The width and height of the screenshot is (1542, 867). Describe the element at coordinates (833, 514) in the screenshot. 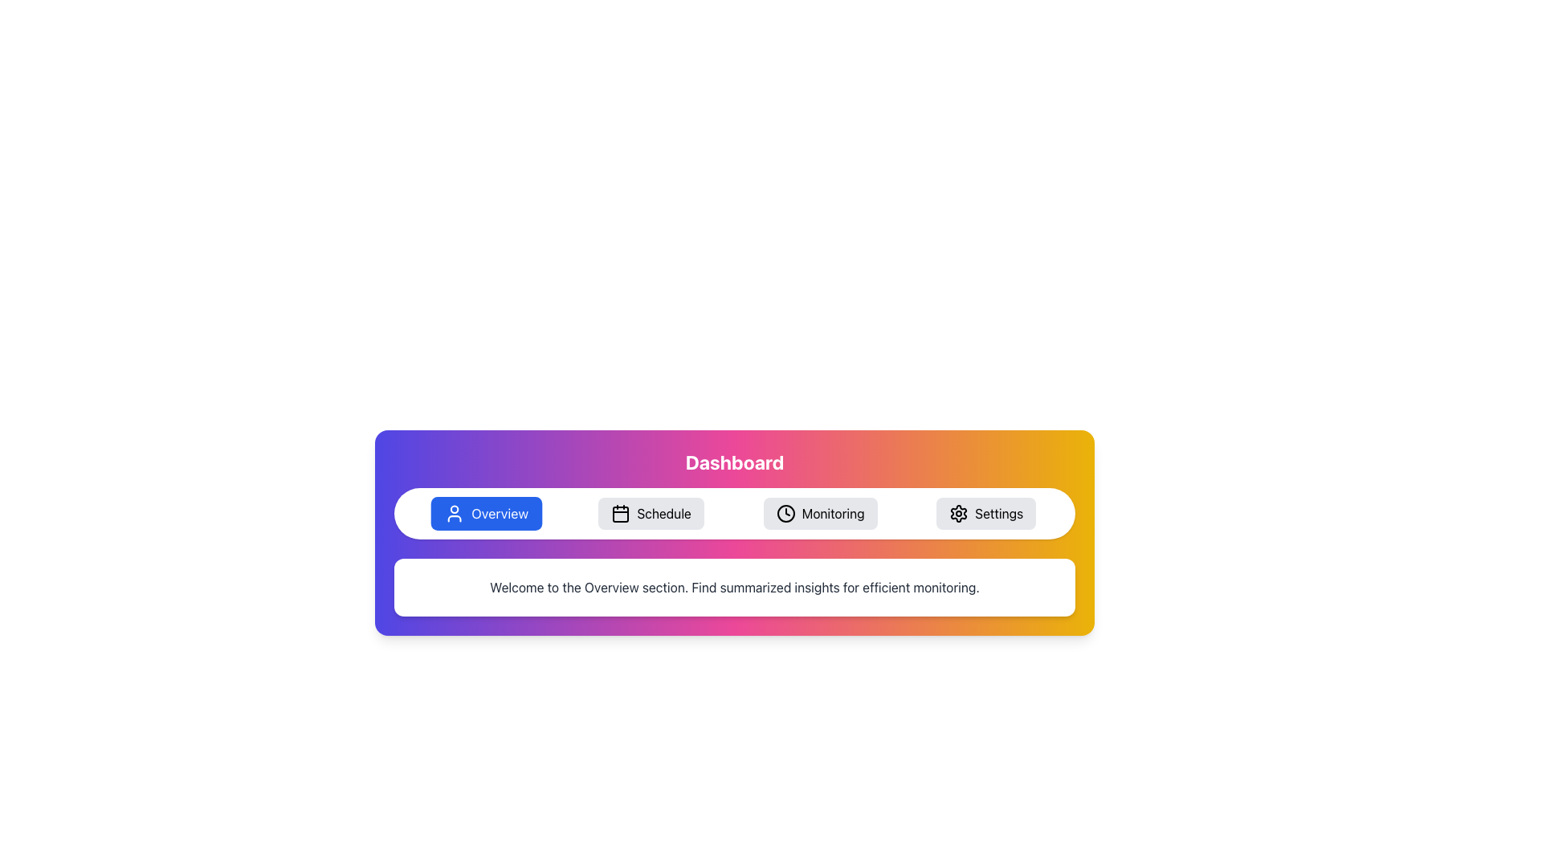

I see `the Text Label that indicates the purpose of the navigation button for the 'Monitoring' section, located between the 'Schedule' and 'Settings' tabs` at that location.